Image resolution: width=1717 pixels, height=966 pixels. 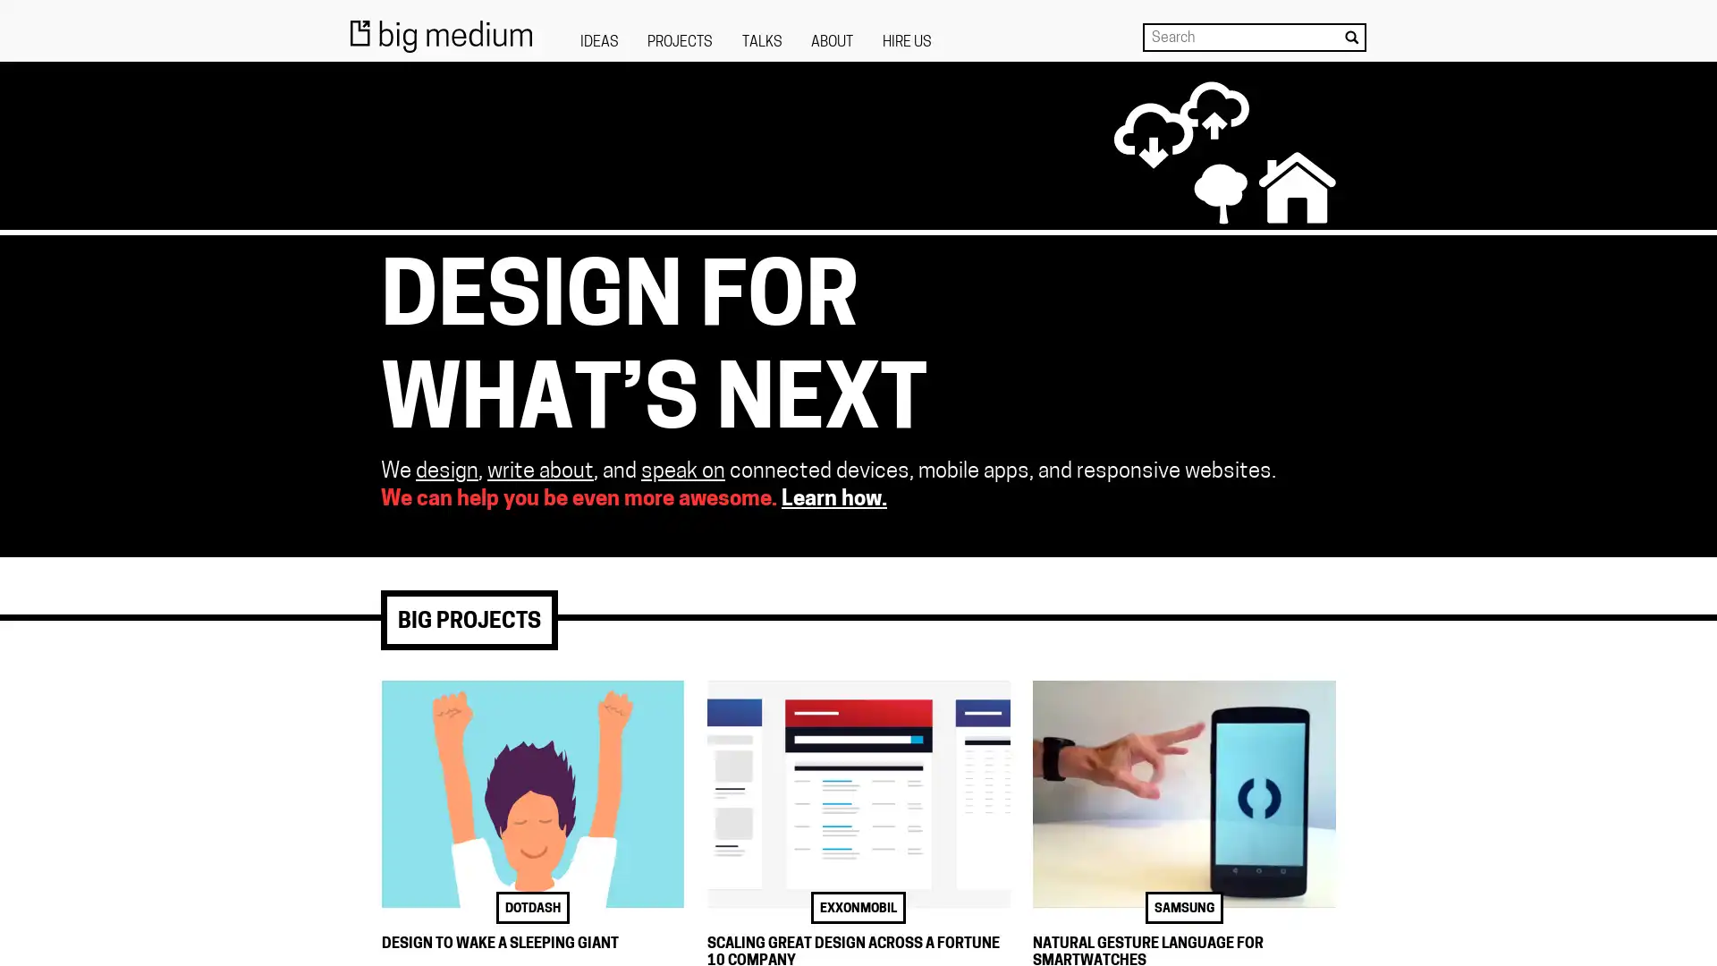 What do you see at coordinates (1351, 37) in the screenshot?
I see `Search` at bounding box center [1351, 37].